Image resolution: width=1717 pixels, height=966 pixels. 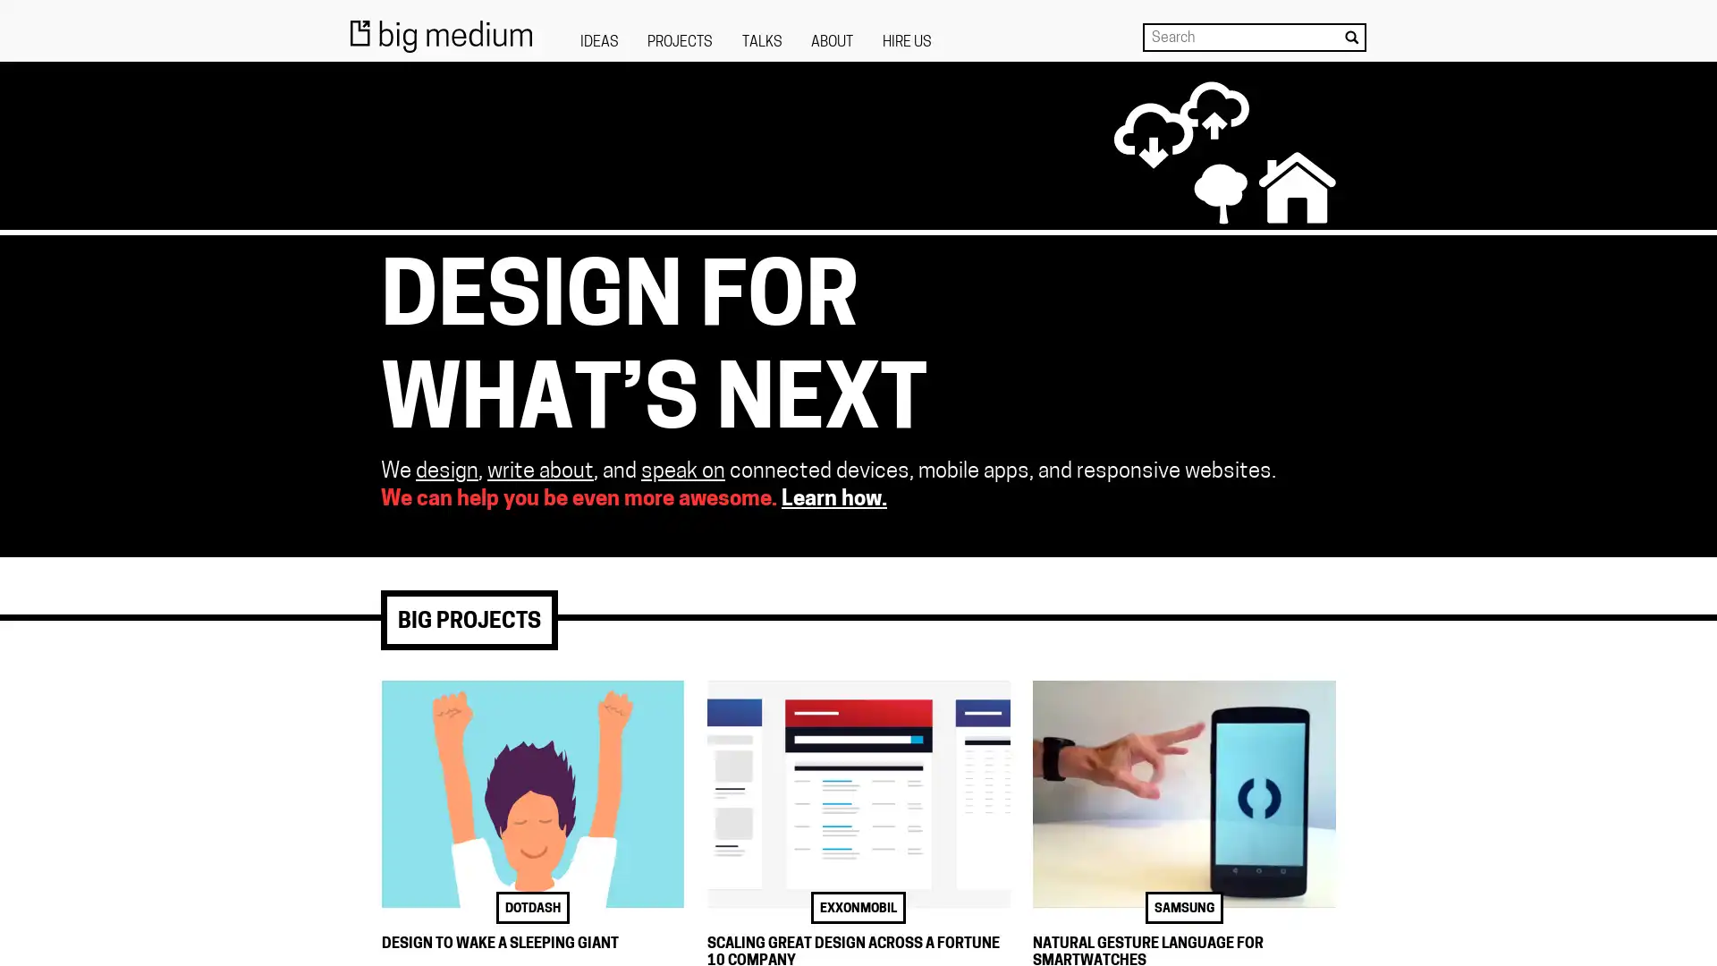 What do you see at coordinates (1351, 37) in the screenshot?
I see `Search` at bounding box center [1351, 37].